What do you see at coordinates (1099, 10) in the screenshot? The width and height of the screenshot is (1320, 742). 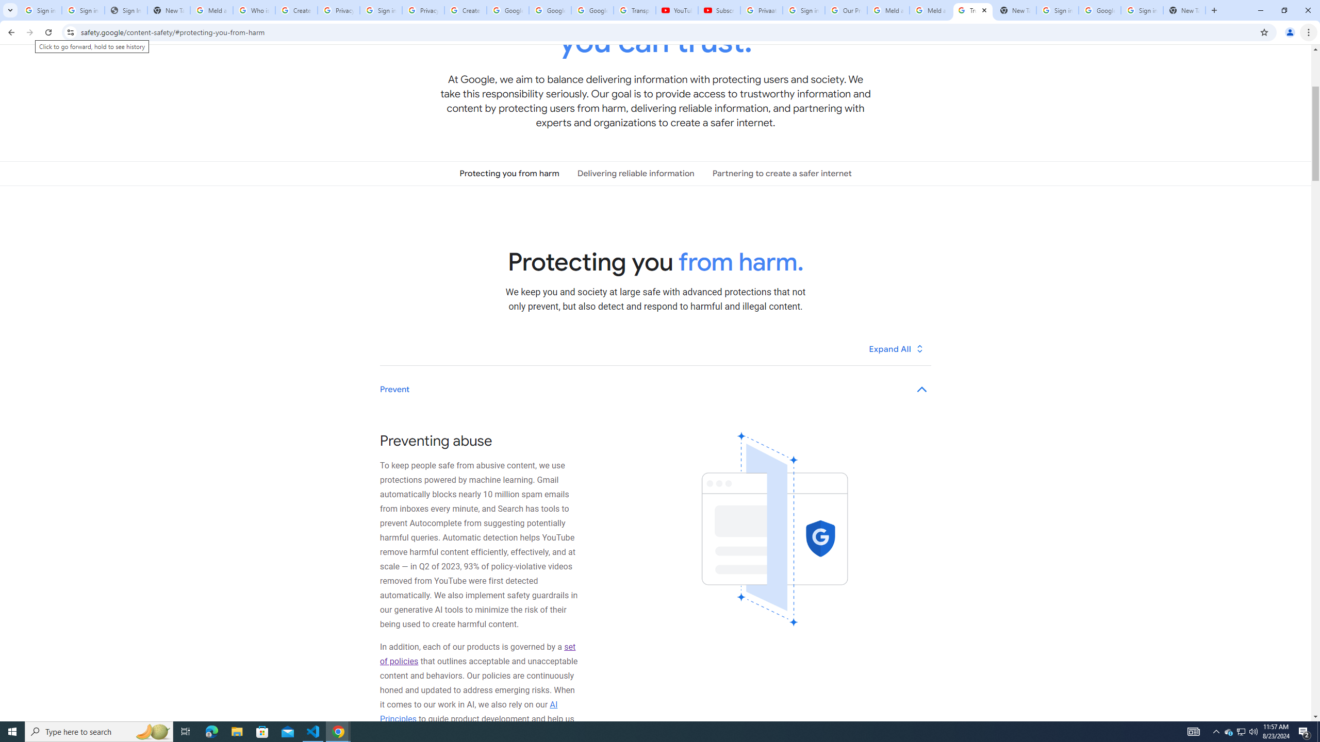 I see `'Google Cybersecurity Innovations - Google Safety Center'` at bounding box center [1099, 10].